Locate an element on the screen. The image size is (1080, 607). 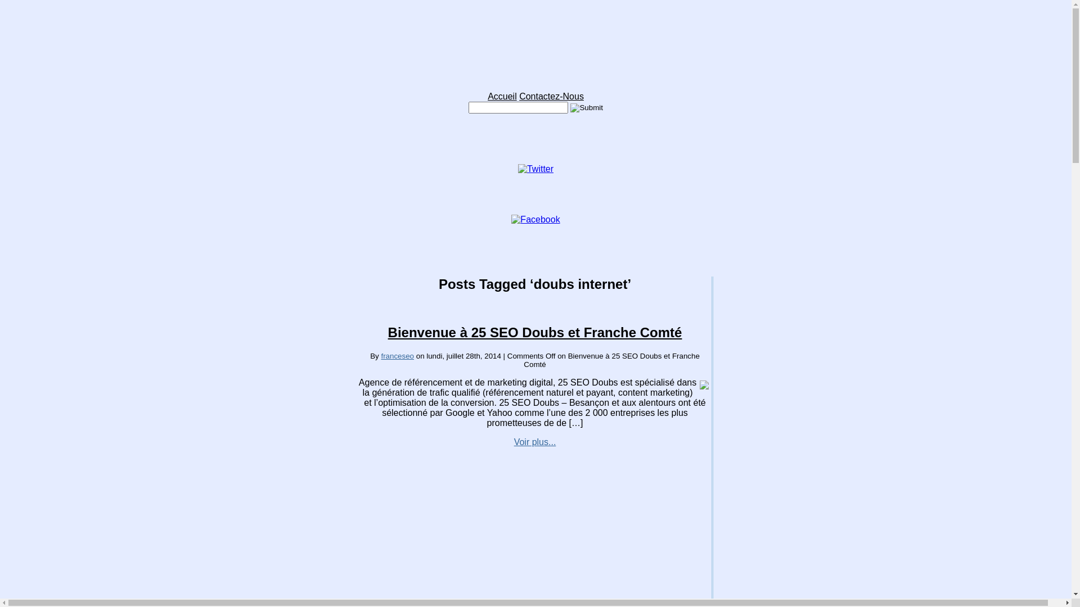
'Contactez-Nous' is located at coordinates (551, 96).